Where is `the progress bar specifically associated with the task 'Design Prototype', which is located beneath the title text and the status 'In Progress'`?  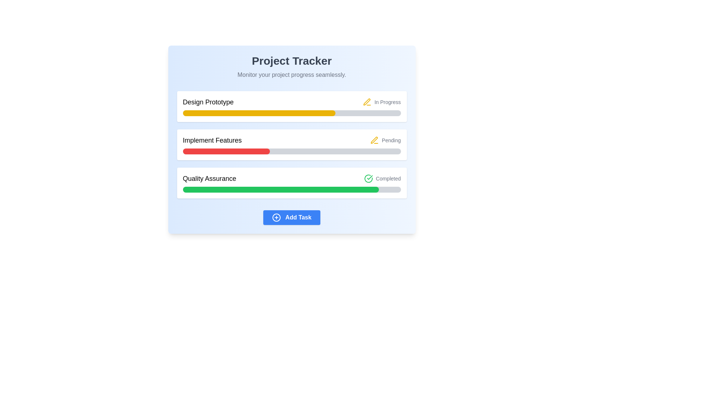 the progress bar specifically associated with the task 'Design Prototype', which is located beneath the title text and the status 'In Progress' is located at coordinates (291, 113).